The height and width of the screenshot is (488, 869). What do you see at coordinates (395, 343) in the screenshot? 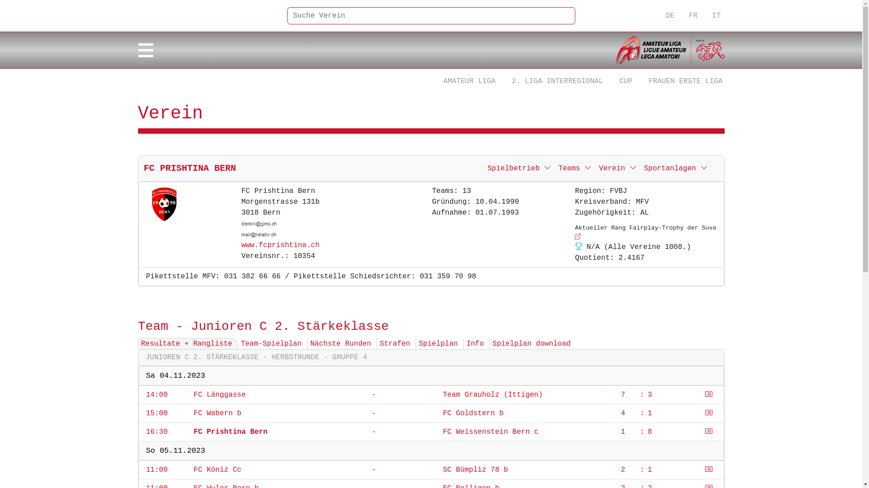
I see `'Strafen'` at bounding box center [395, 343].